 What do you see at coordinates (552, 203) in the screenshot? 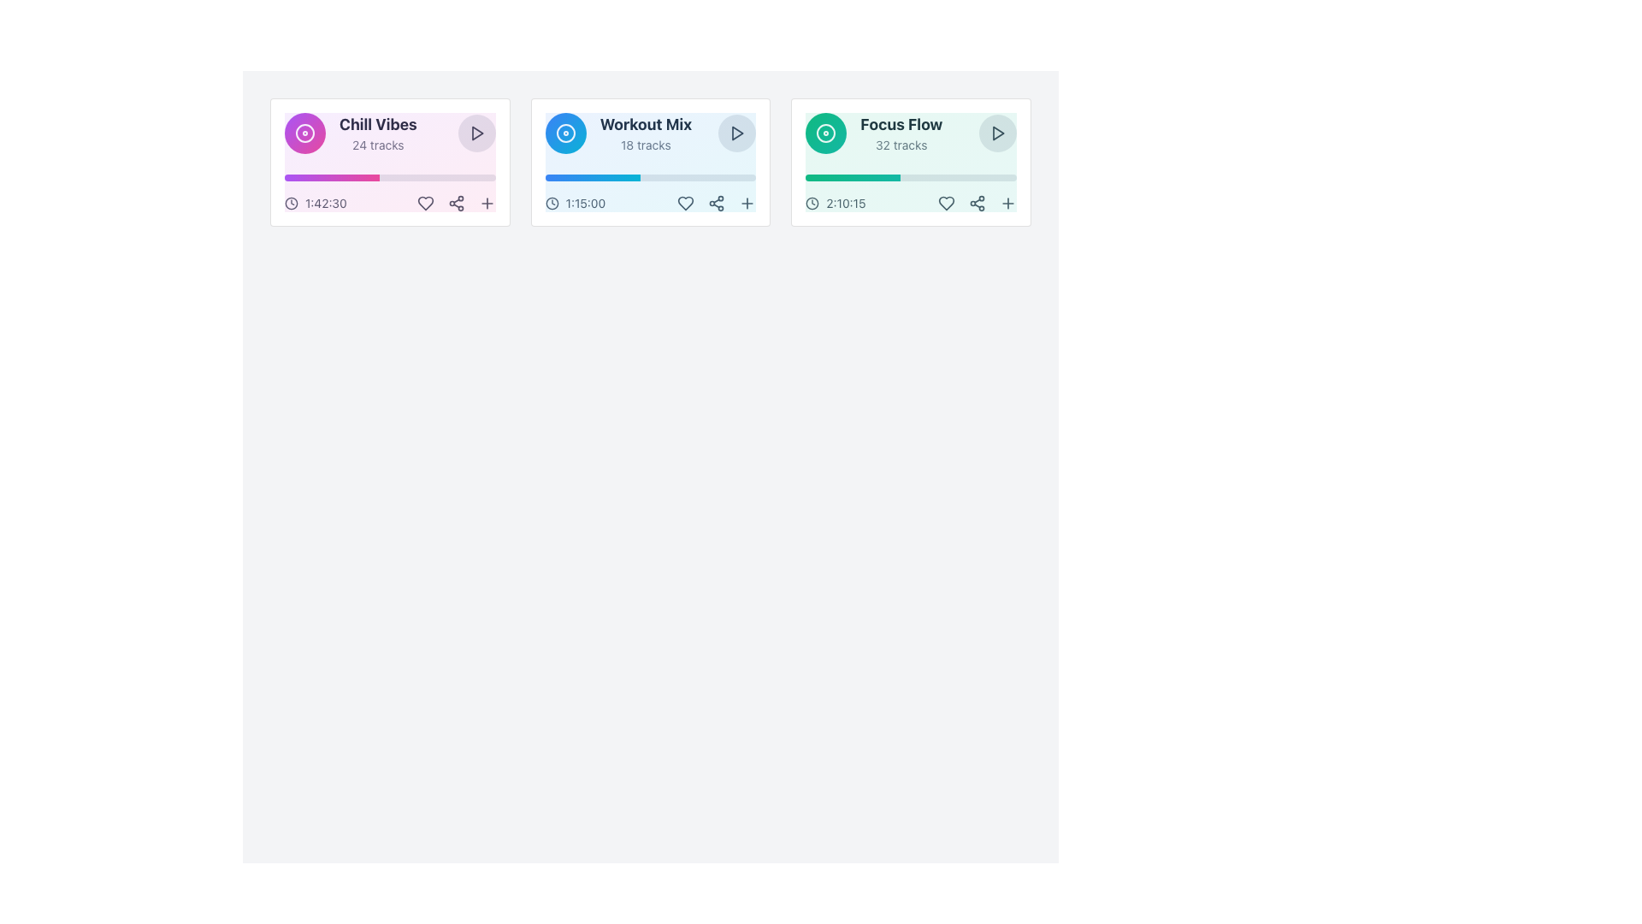
I see `the circular clock icon located at the bottom-left corner of the 'Workout Mix' card, positioned to the left of the text '1:15:00'` at bounding box center [552, 203].